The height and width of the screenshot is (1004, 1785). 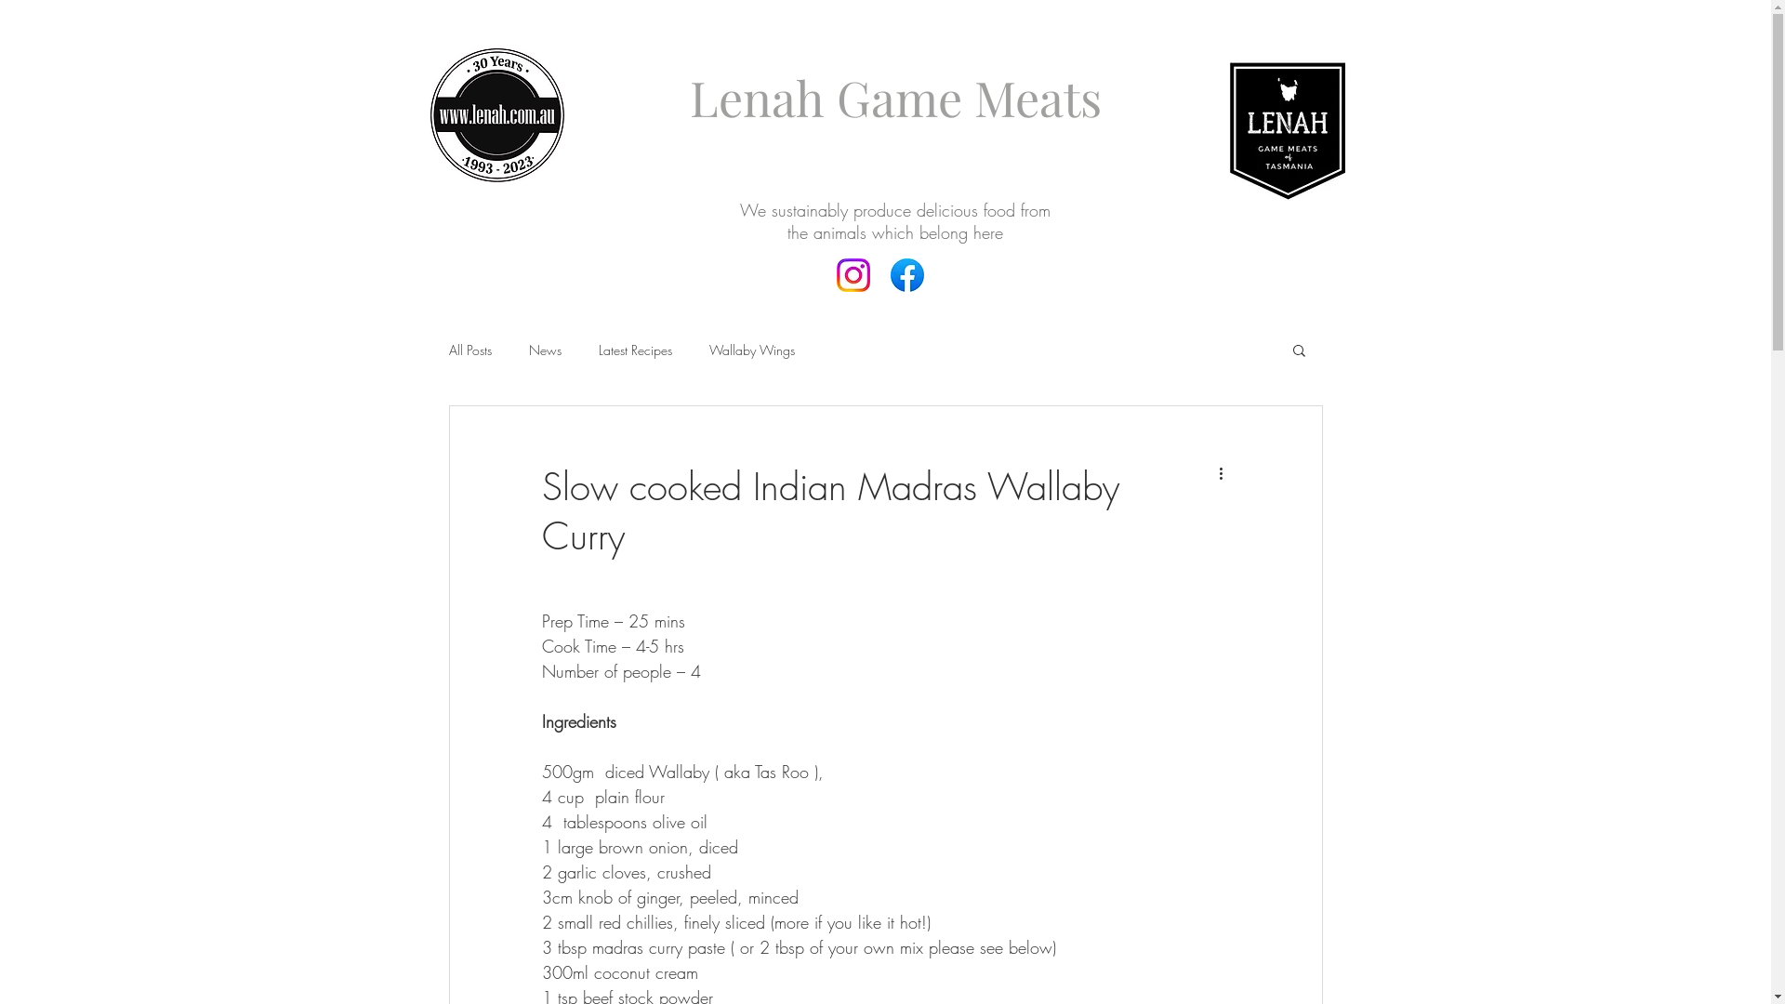 I want to click on 'Restaurant Social Bar', so click(x=875, y=292).